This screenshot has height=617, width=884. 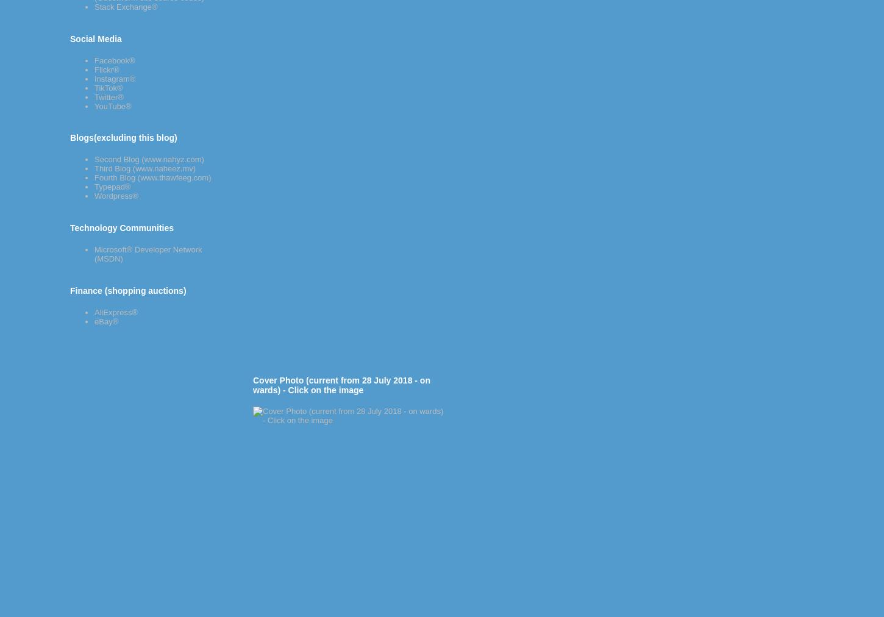 I want to click on 'Twitter®', so click(x=108, y=96).